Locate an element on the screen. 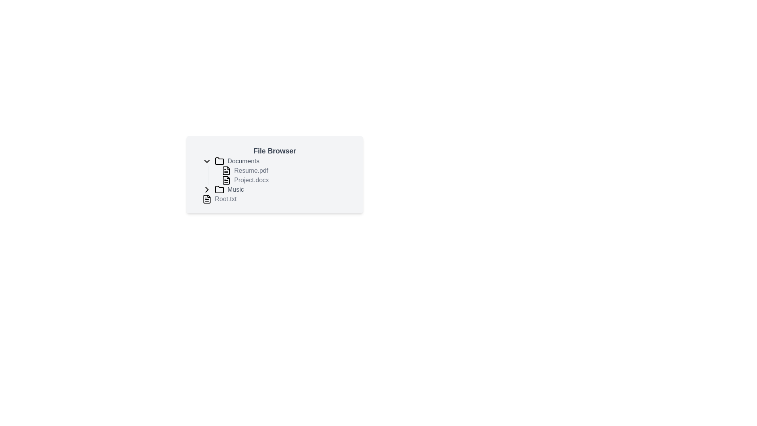  the file listing entry for 'Resume.pdf' located is located at coordinates (287, 170).